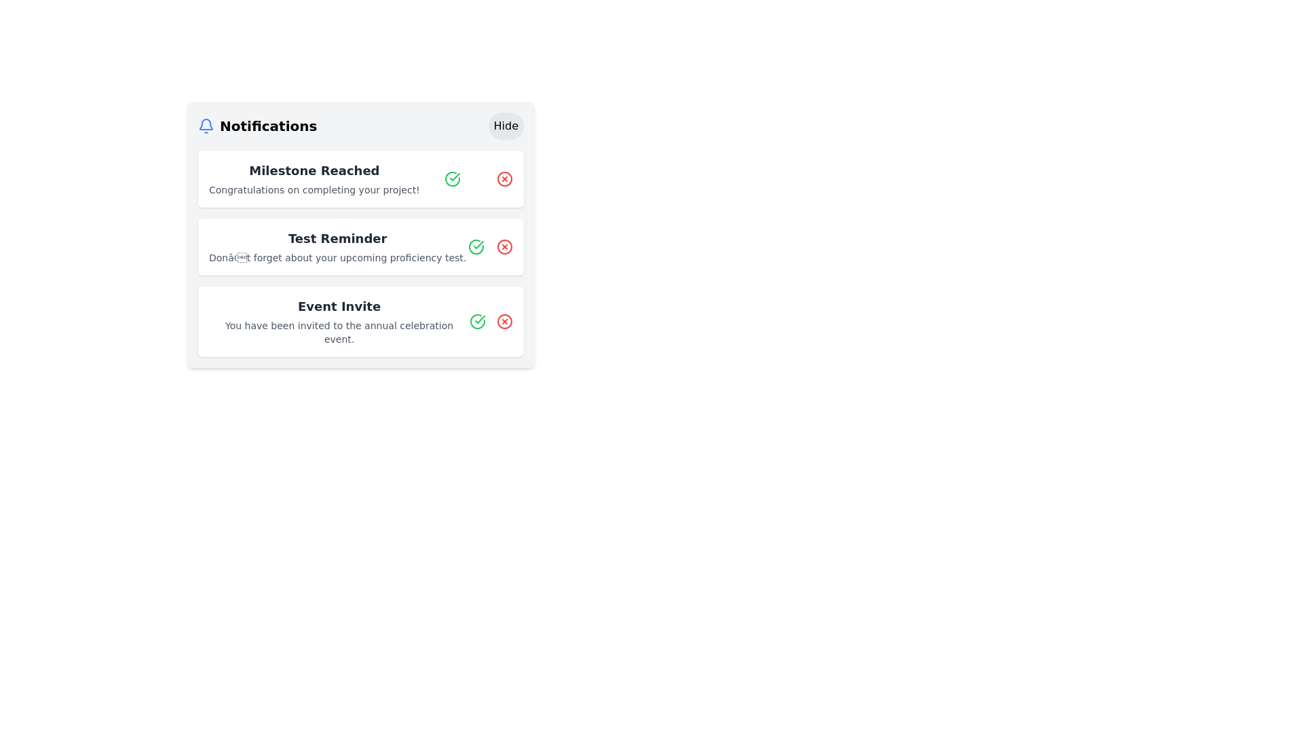  I want to click on the success status icon located to the right of the text 'Milestone Reached Congratulations on completing your project!' in the first notification card to acknowledge the notification, so click(453, 178).